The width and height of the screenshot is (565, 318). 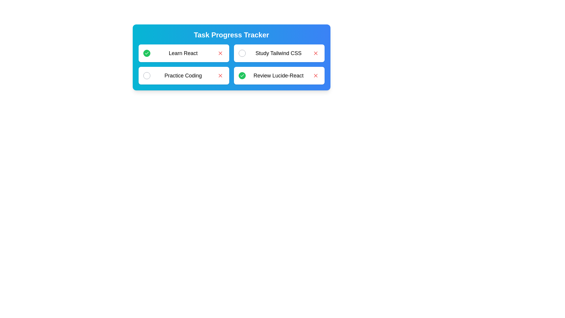 I want to click on 'Remove' button for the task labeled Practice Coding, so click(x=220, y=75).